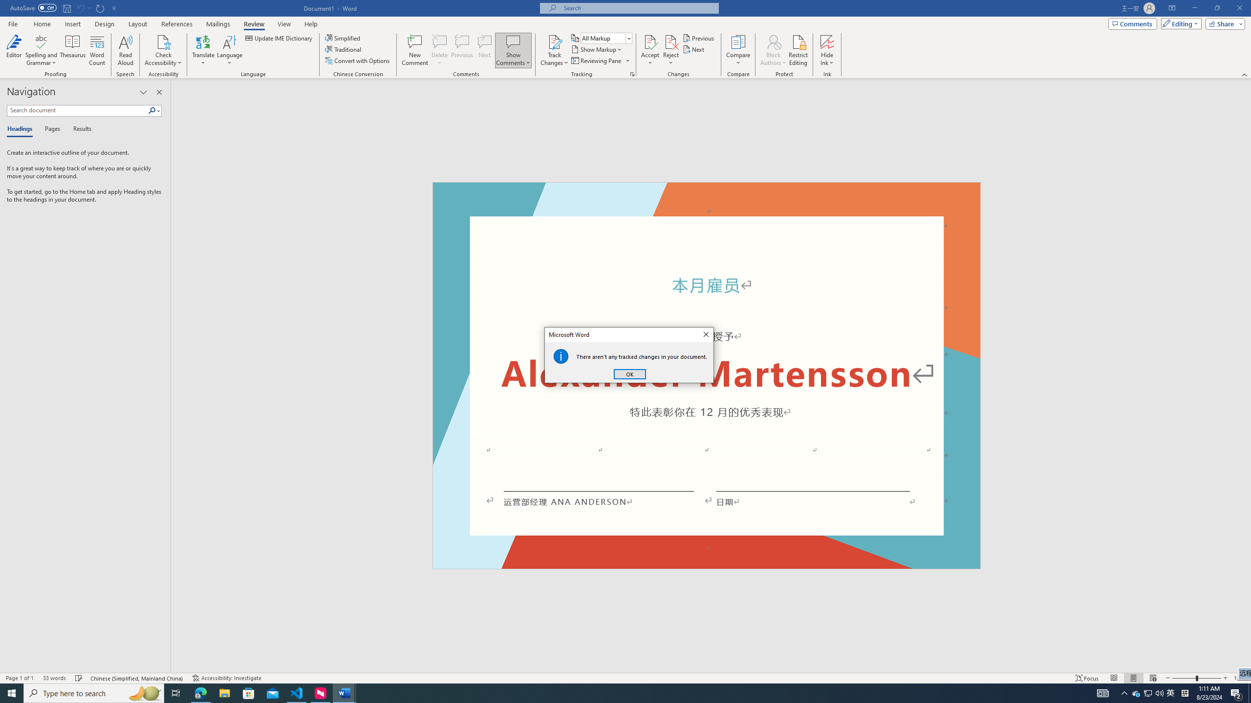 This screenshot has height=703, width=1251. What do you see at coordinates (78, 129) in the screenshot?
I see `'Results'` at bounding box center [78, 129].